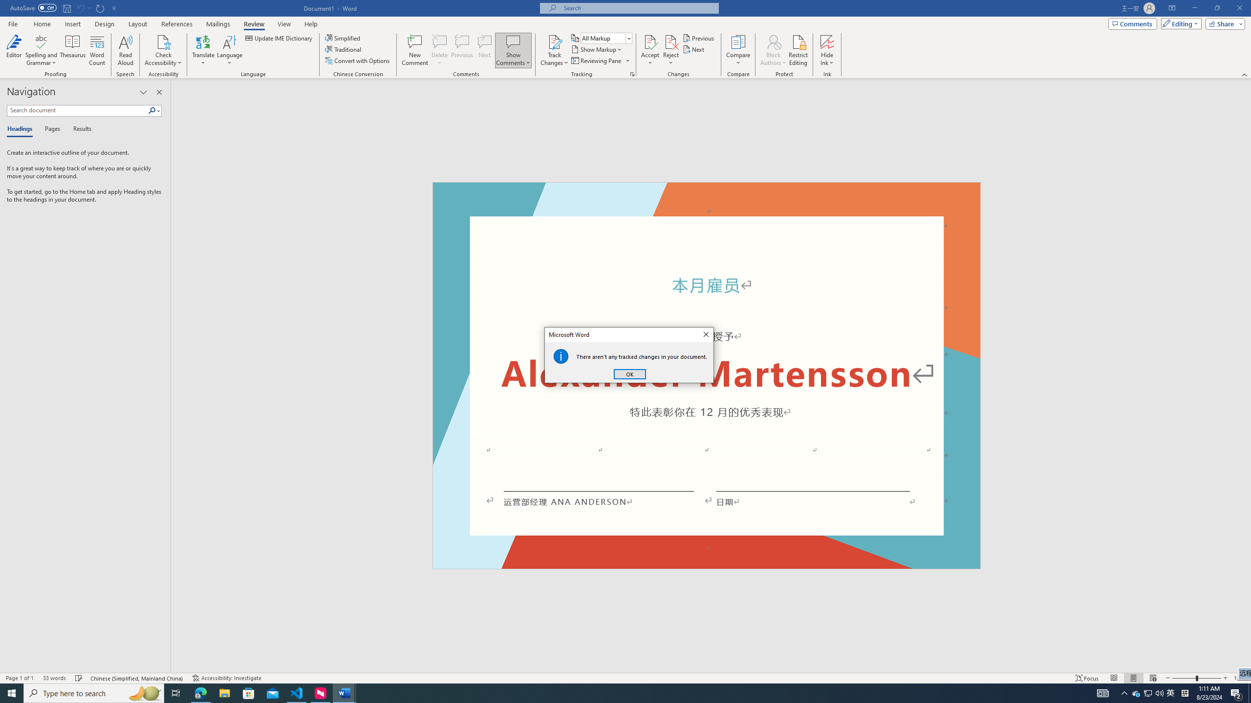 This screenshot has height=703, width=1251. What do you see at coordinates (78, 129) in the screenshot?
I see `'Results'` at bounding box center [78, 129].